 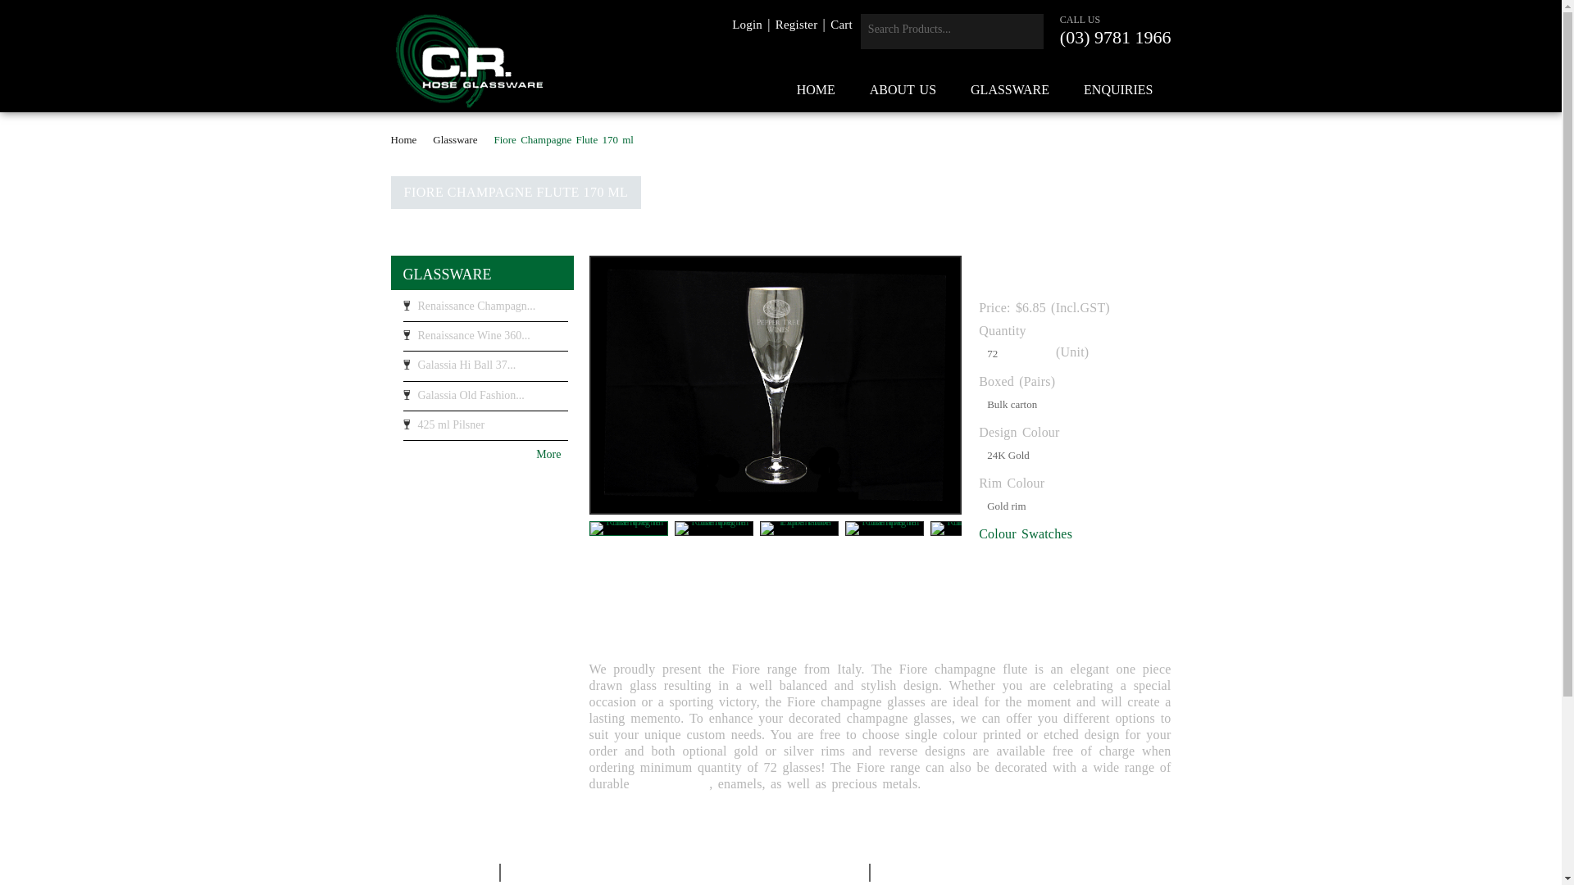 I want to click on 'CR Hose Glassware', so click(x=468, y=60).